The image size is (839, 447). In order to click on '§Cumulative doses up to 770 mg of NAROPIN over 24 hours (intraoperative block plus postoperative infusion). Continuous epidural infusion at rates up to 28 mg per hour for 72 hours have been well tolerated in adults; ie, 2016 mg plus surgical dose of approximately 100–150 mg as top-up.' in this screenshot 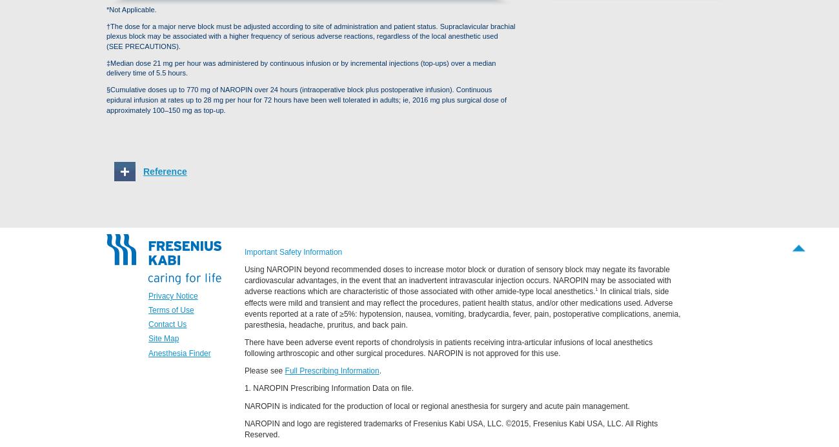, I will do `click(306, 99)`.